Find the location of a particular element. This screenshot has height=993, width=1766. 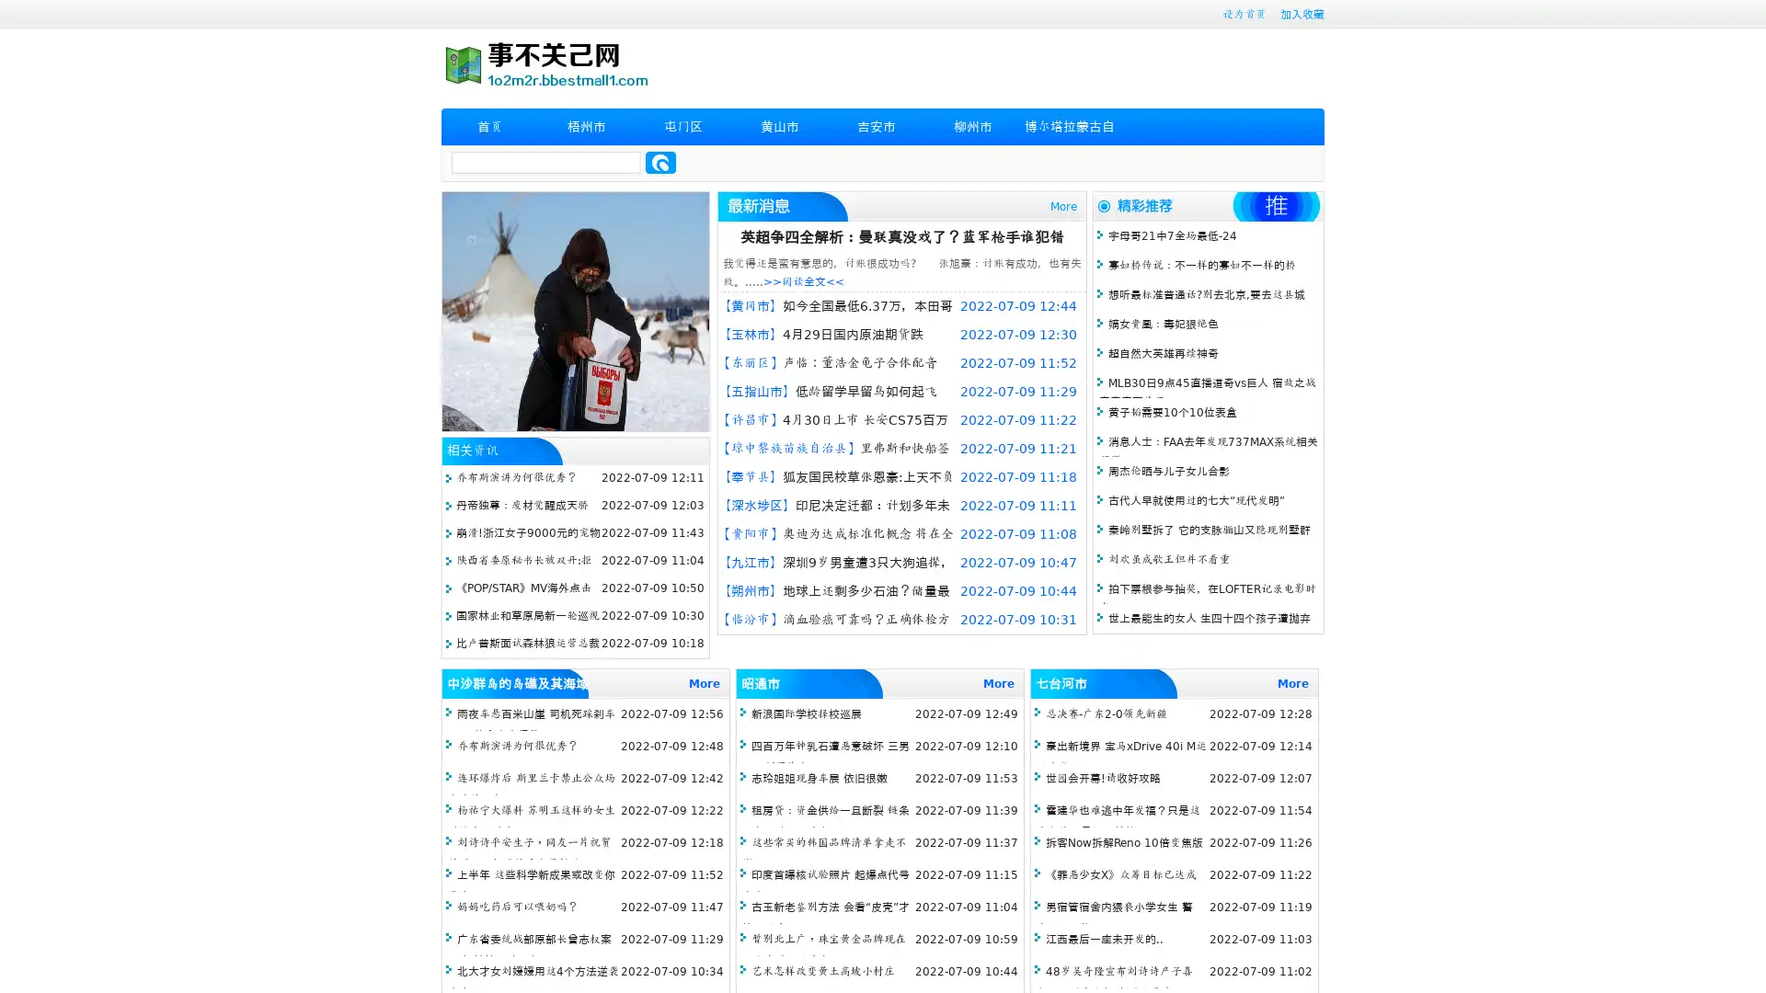

Search is located at coordinates (660, 162).